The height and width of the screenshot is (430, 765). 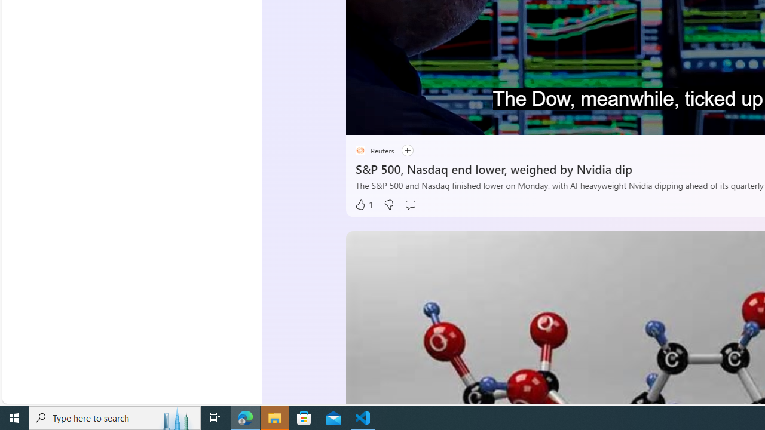 I want to click on '1 Like', so click(x=363, y=204).